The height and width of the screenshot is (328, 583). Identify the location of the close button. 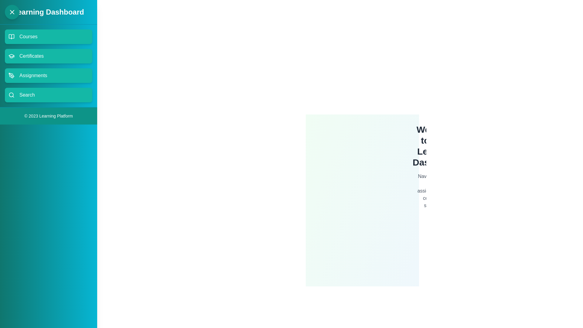
(12, 12).